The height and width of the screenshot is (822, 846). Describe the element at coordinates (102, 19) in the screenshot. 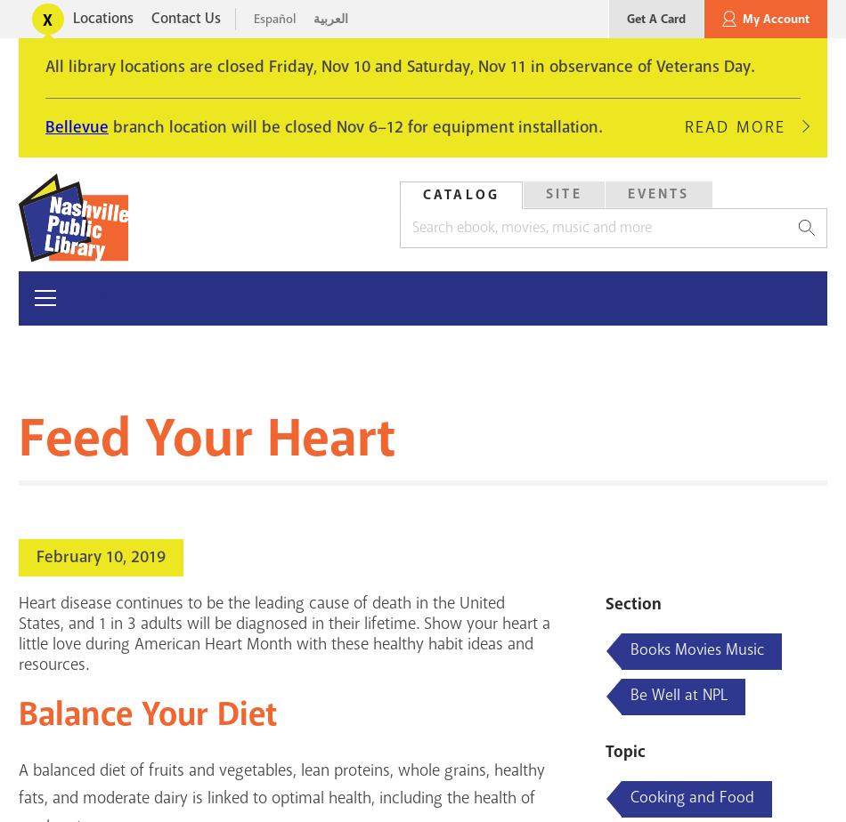

I see `'Locations'` at that location.